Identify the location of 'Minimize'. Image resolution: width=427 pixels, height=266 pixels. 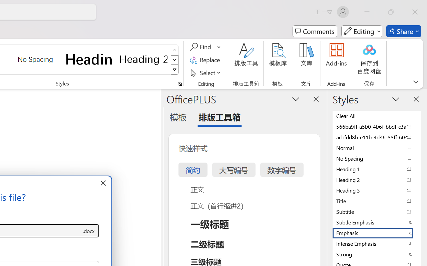
(367, 12).